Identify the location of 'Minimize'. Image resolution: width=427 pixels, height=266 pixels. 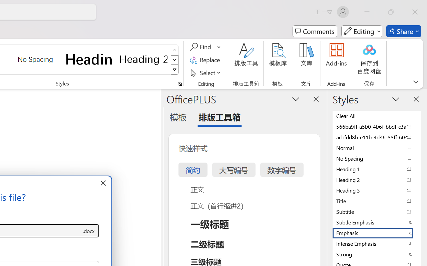
(367, 12).